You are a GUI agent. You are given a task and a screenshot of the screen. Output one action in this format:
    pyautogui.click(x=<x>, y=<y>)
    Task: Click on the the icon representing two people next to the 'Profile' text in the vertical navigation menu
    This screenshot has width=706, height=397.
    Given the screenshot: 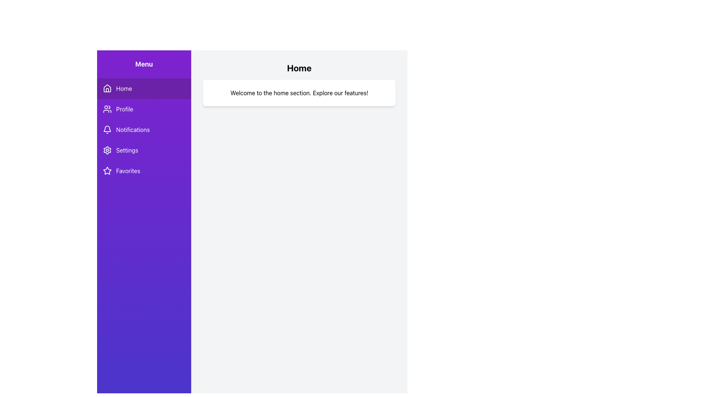 What is the action you would take?
    pyautogui.click(x=107, y=109)
    